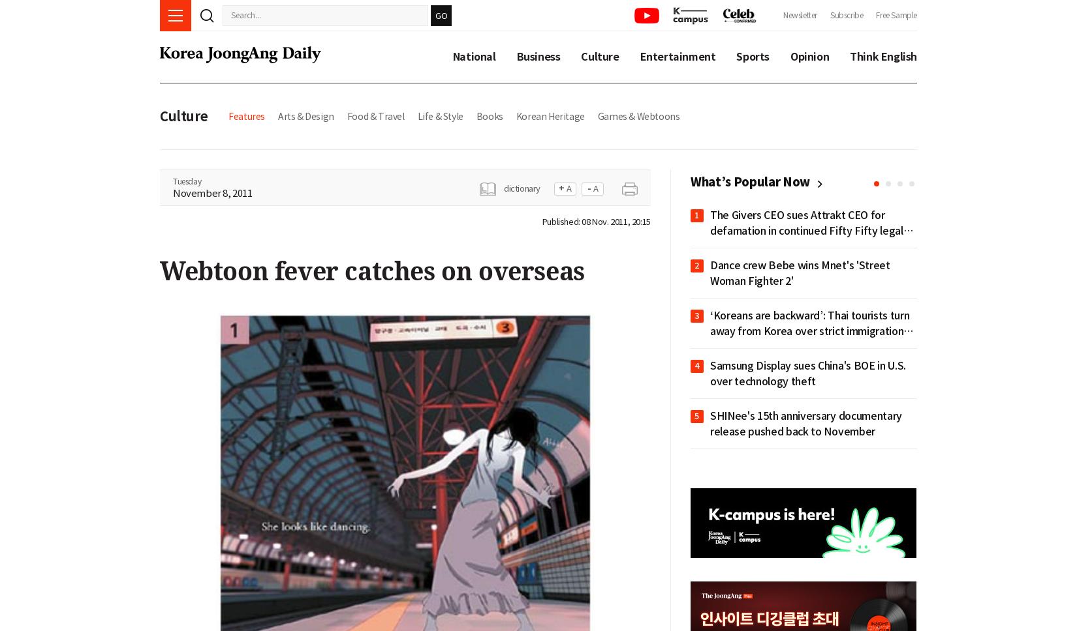 The height and width of the screenshot is (631, 1077). I want to click on 'Sports', so click(753, 56).